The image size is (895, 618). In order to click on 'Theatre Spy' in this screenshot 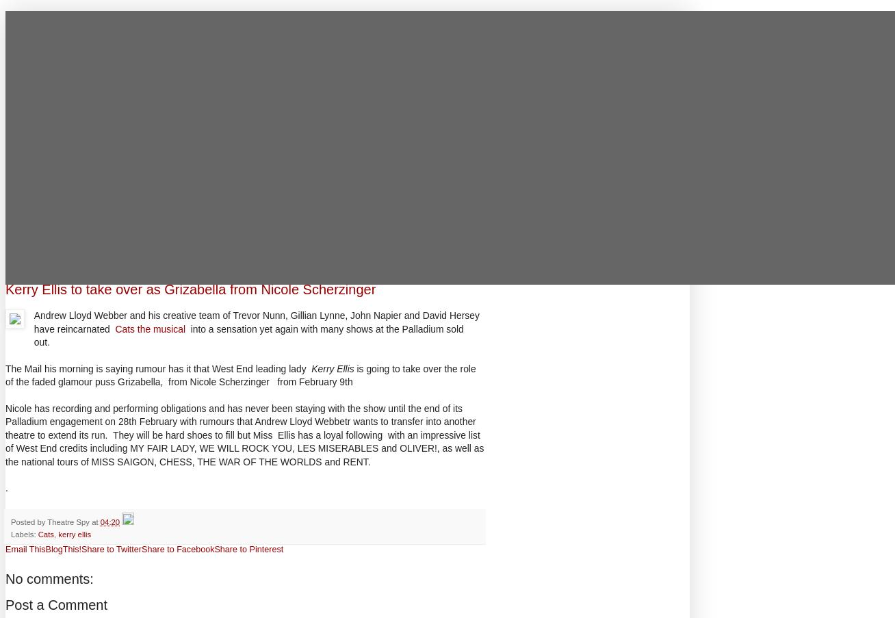, I will do `click(68, 522)`.